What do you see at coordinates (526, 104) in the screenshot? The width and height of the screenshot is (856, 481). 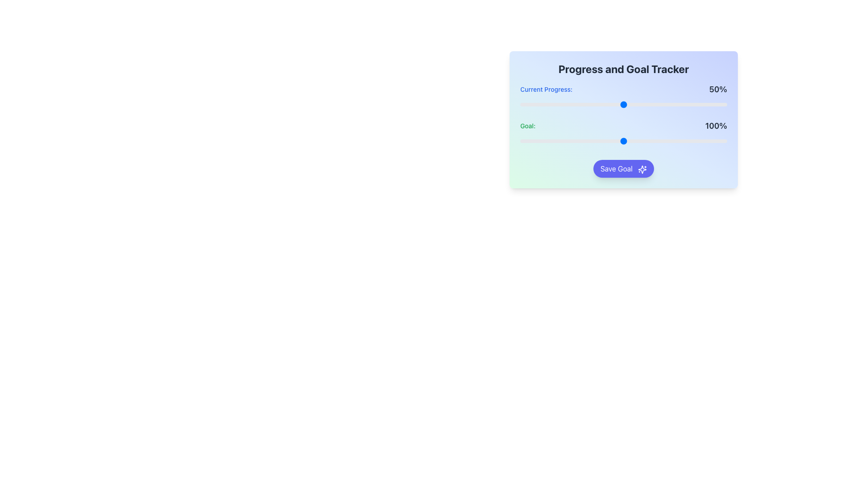 I see `the slider` at bounding box center [526, 104].